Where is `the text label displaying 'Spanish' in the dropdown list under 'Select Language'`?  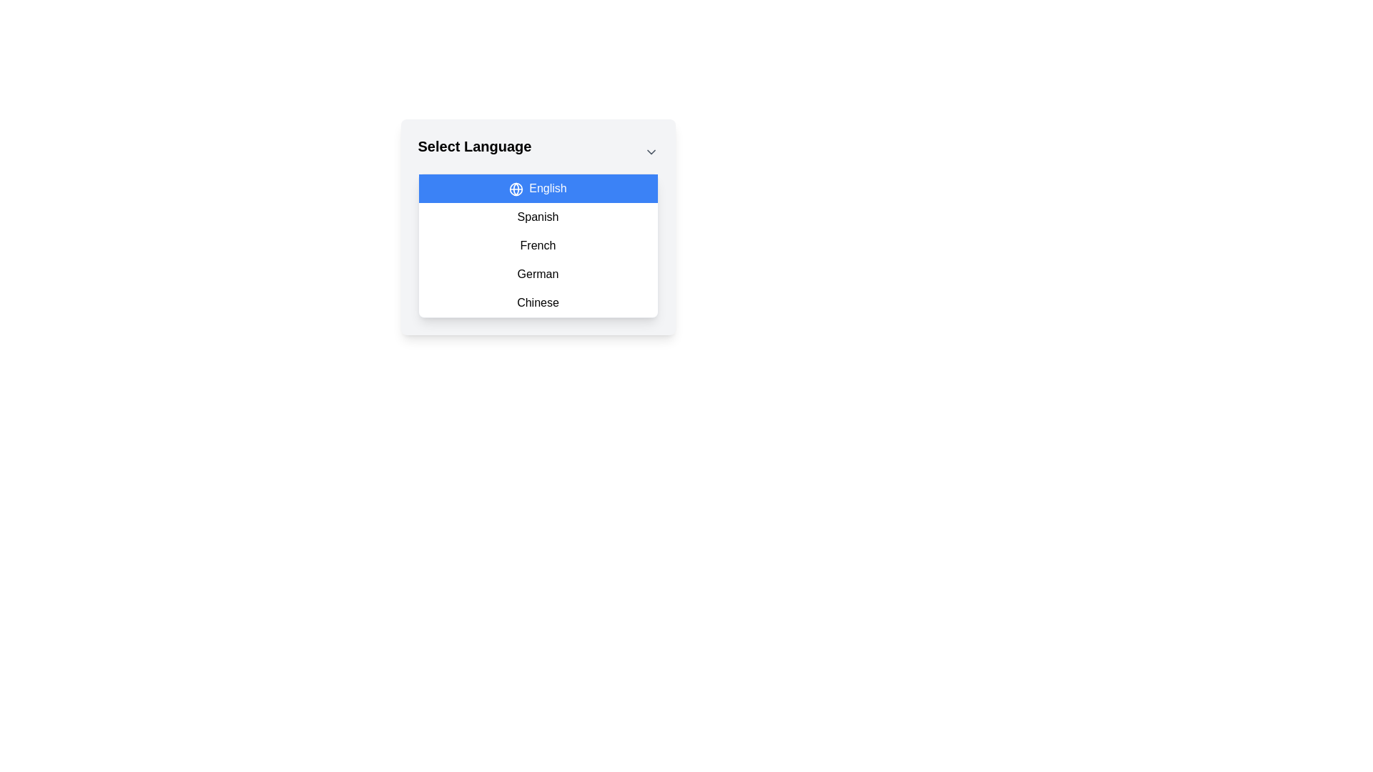
the text label displaying 'Spanish' in the dropdown list under 'Select Language' is located at coordinates (537, 217).